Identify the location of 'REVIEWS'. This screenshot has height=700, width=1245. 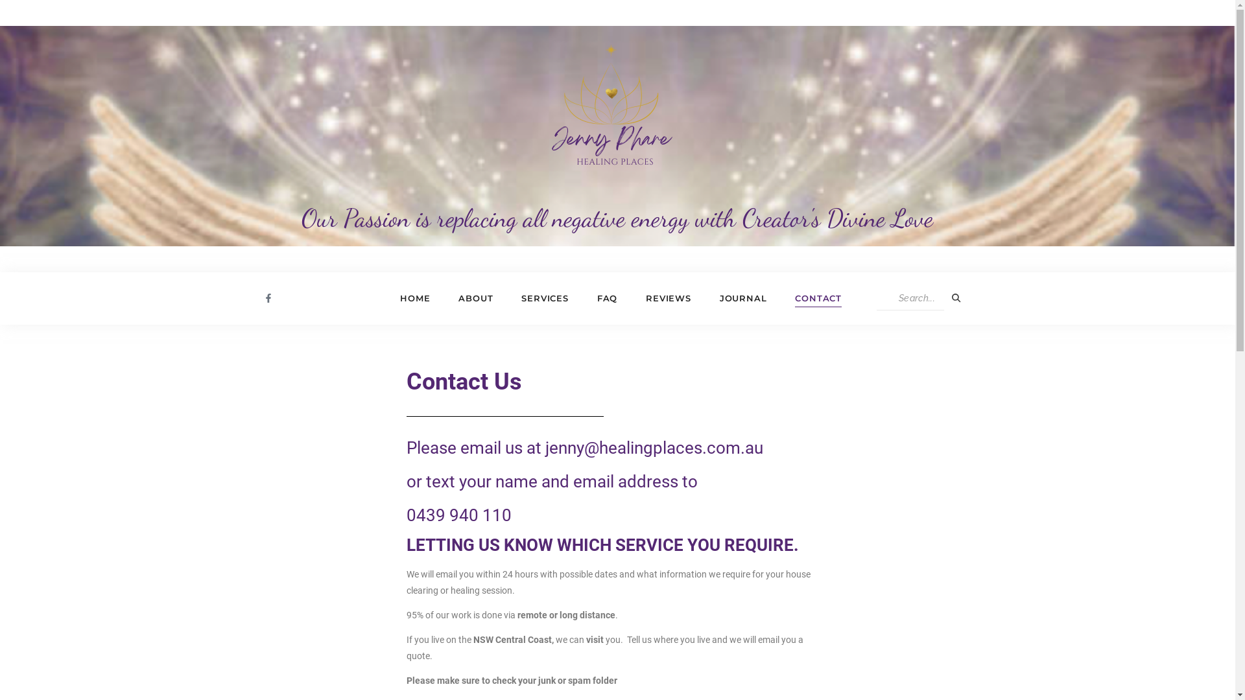
(637, 298).